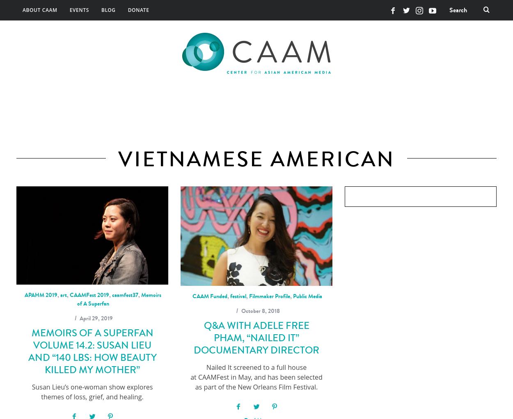  What do you see at coordinates (256, 376) in the screenshot?
I see `'Nailed It screened to a full house at CAAMFest in May, and has been selected as part of the New Orleans Film Festival.'` at bounding box center [256, 376].